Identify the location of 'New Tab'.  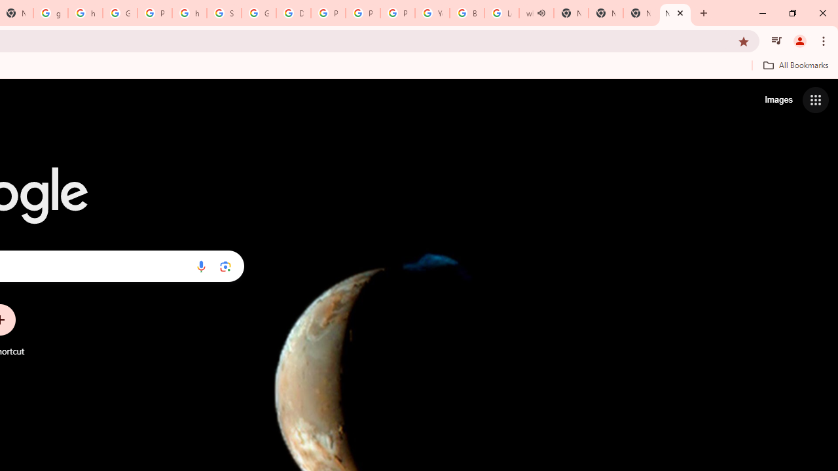
(640, 13).